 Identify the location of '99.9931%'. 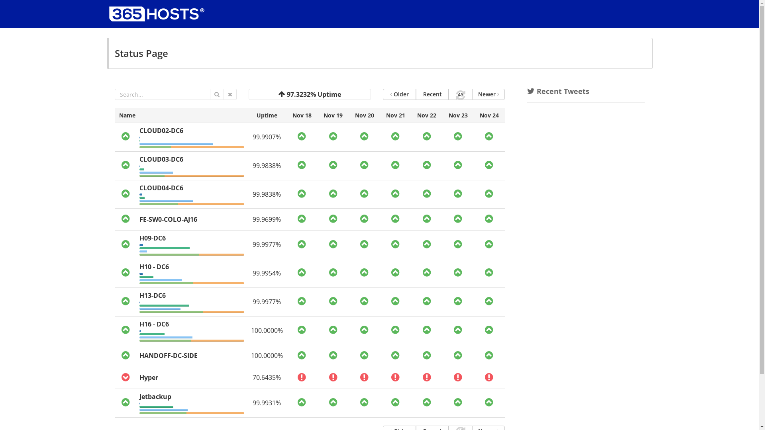
(252, 403).